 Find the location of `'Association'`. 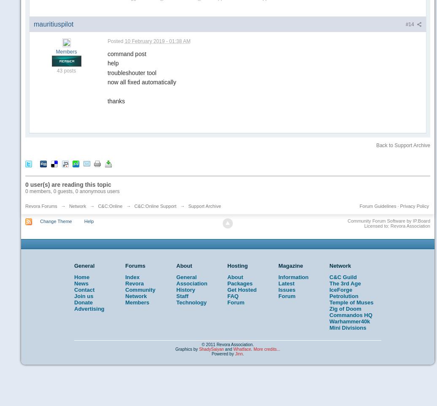

'Association' is located at coordinates (192, 283).